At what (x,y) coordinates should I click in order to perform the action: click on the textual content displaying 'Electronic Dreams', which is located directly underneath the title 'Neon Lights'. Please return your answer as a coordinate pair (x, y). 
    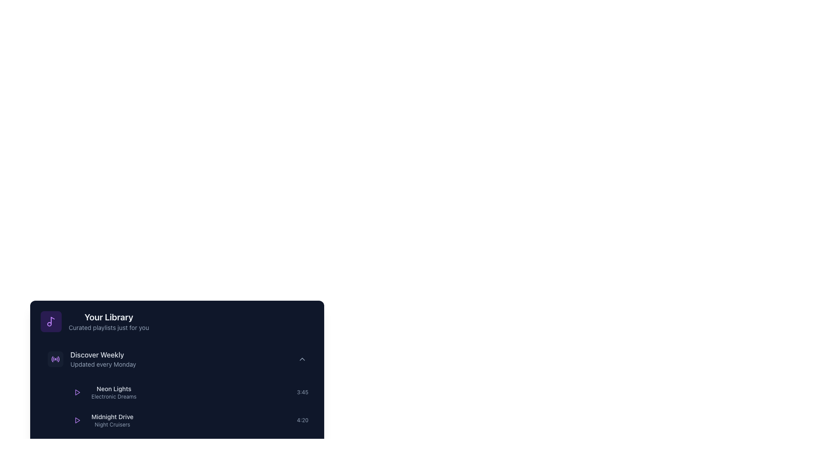
    Looking at the image, I should click on (113, 396).